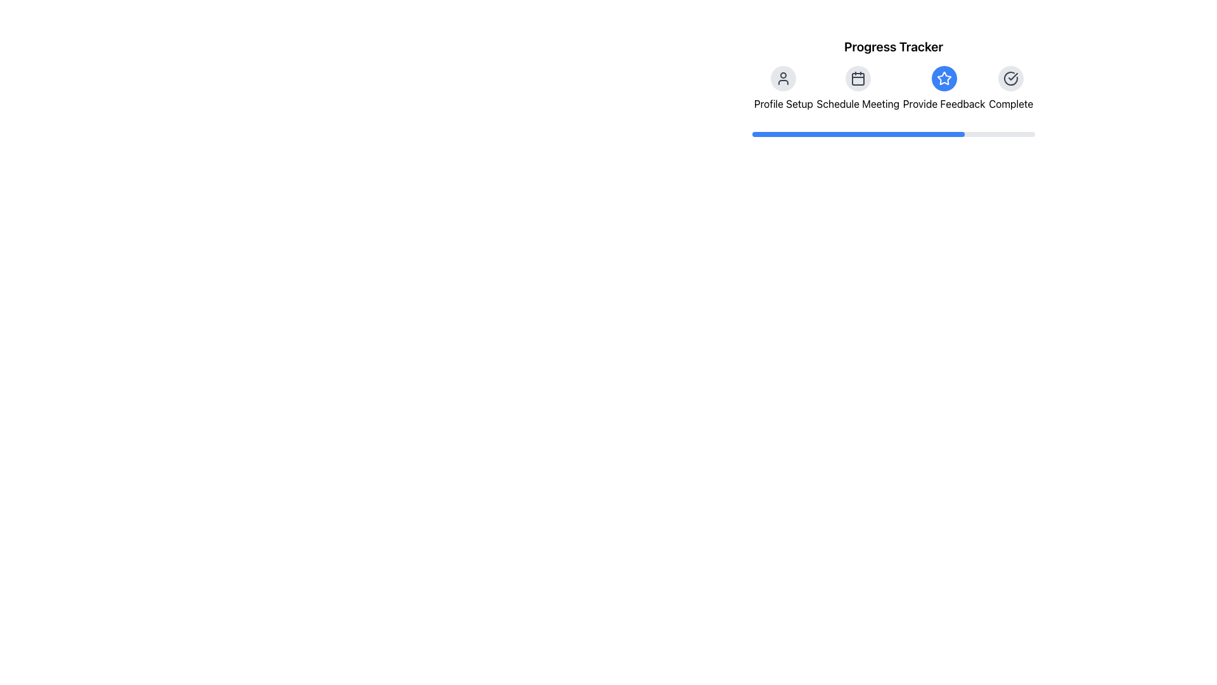 Image resolution: width=1217 pixels, height=685 pixels. What do you see at coordinates (1012, 76) in the screenshot?
I see `the checkmark icon indicating completion or success, located at the right side of the navigation section in the progress tracker` at bounding box center [1012, 76].